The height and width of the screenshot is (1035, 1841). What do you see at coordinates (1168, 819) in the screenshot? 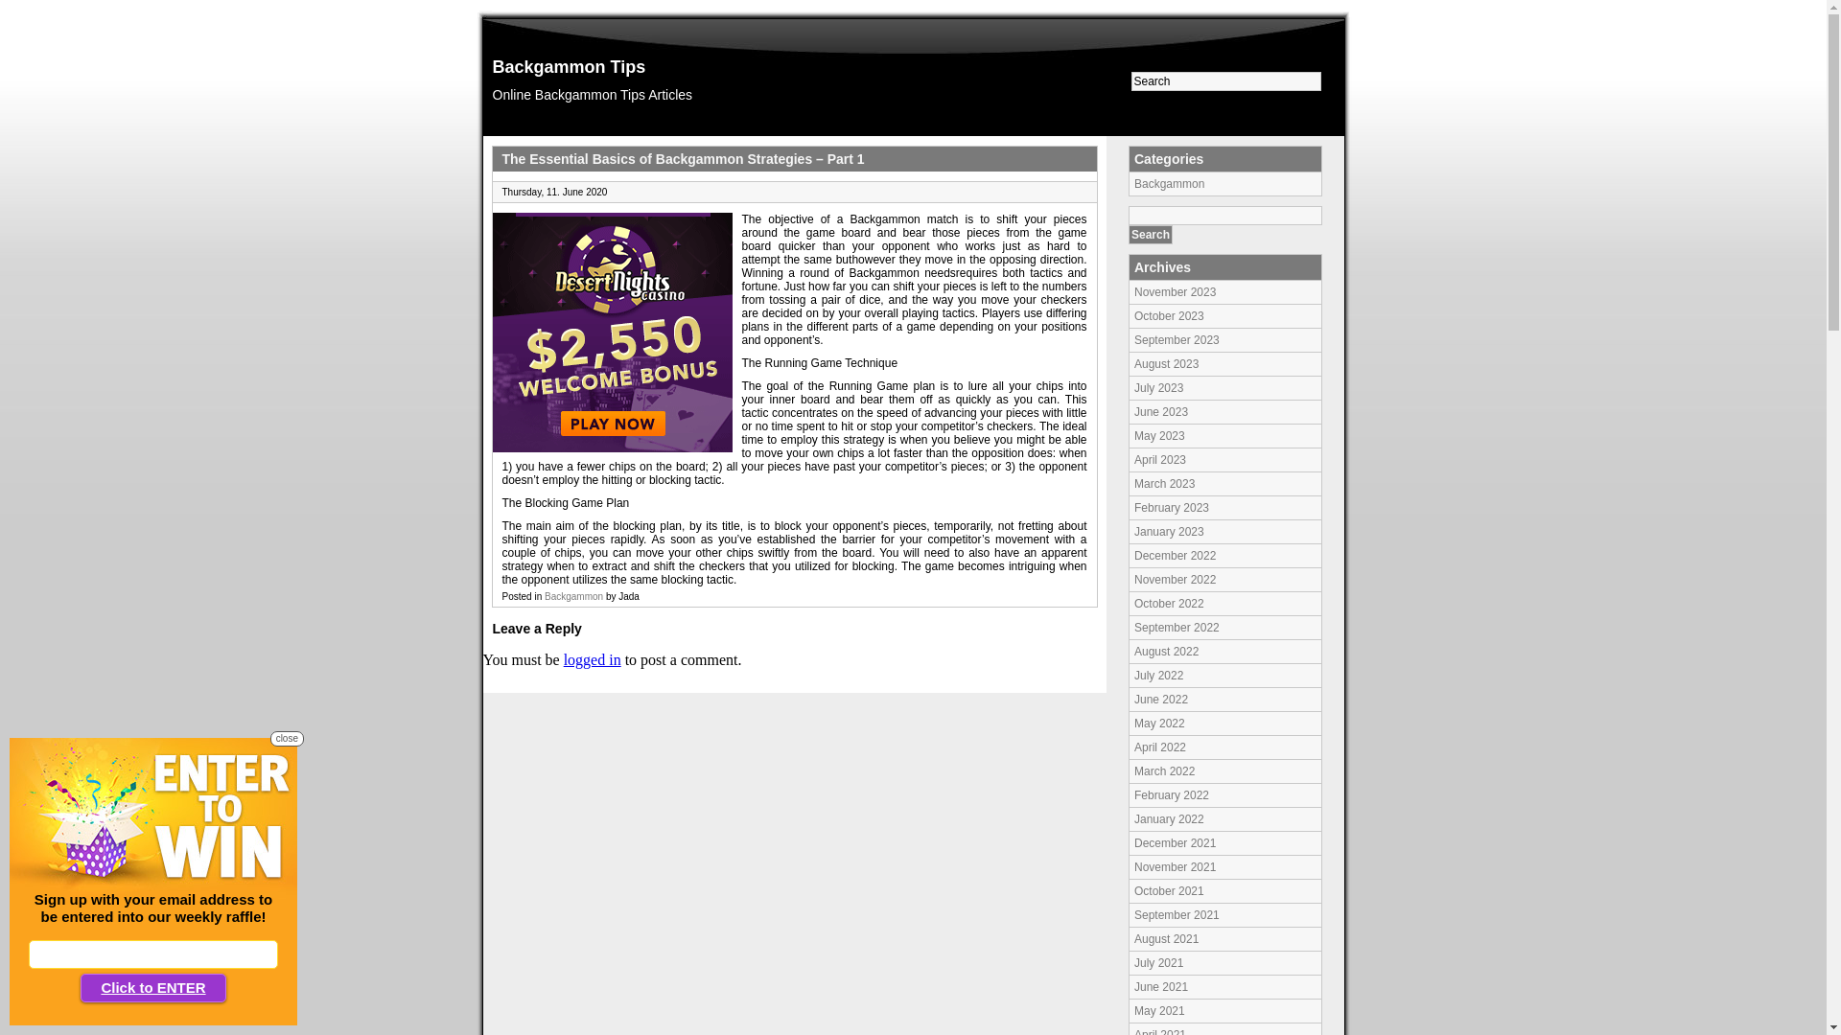
I see `'January 2022'` at bounding box center [1168, 819].